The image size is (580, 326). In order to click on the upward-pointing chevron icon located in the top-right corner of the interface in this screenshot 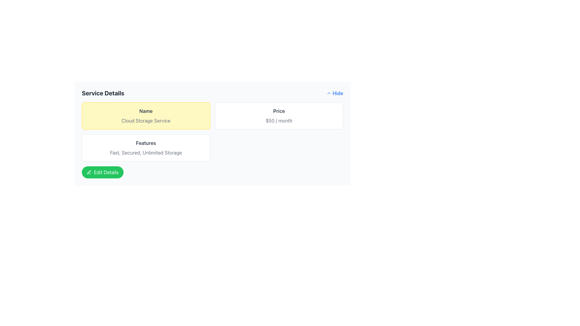, I will do `click(328, 93)`.